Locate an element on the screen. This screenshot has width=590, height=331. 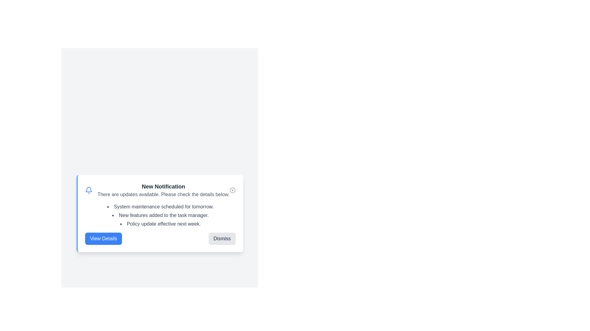
the 'Bell' icon to explore its functionality is located at coordinates (88, 190).